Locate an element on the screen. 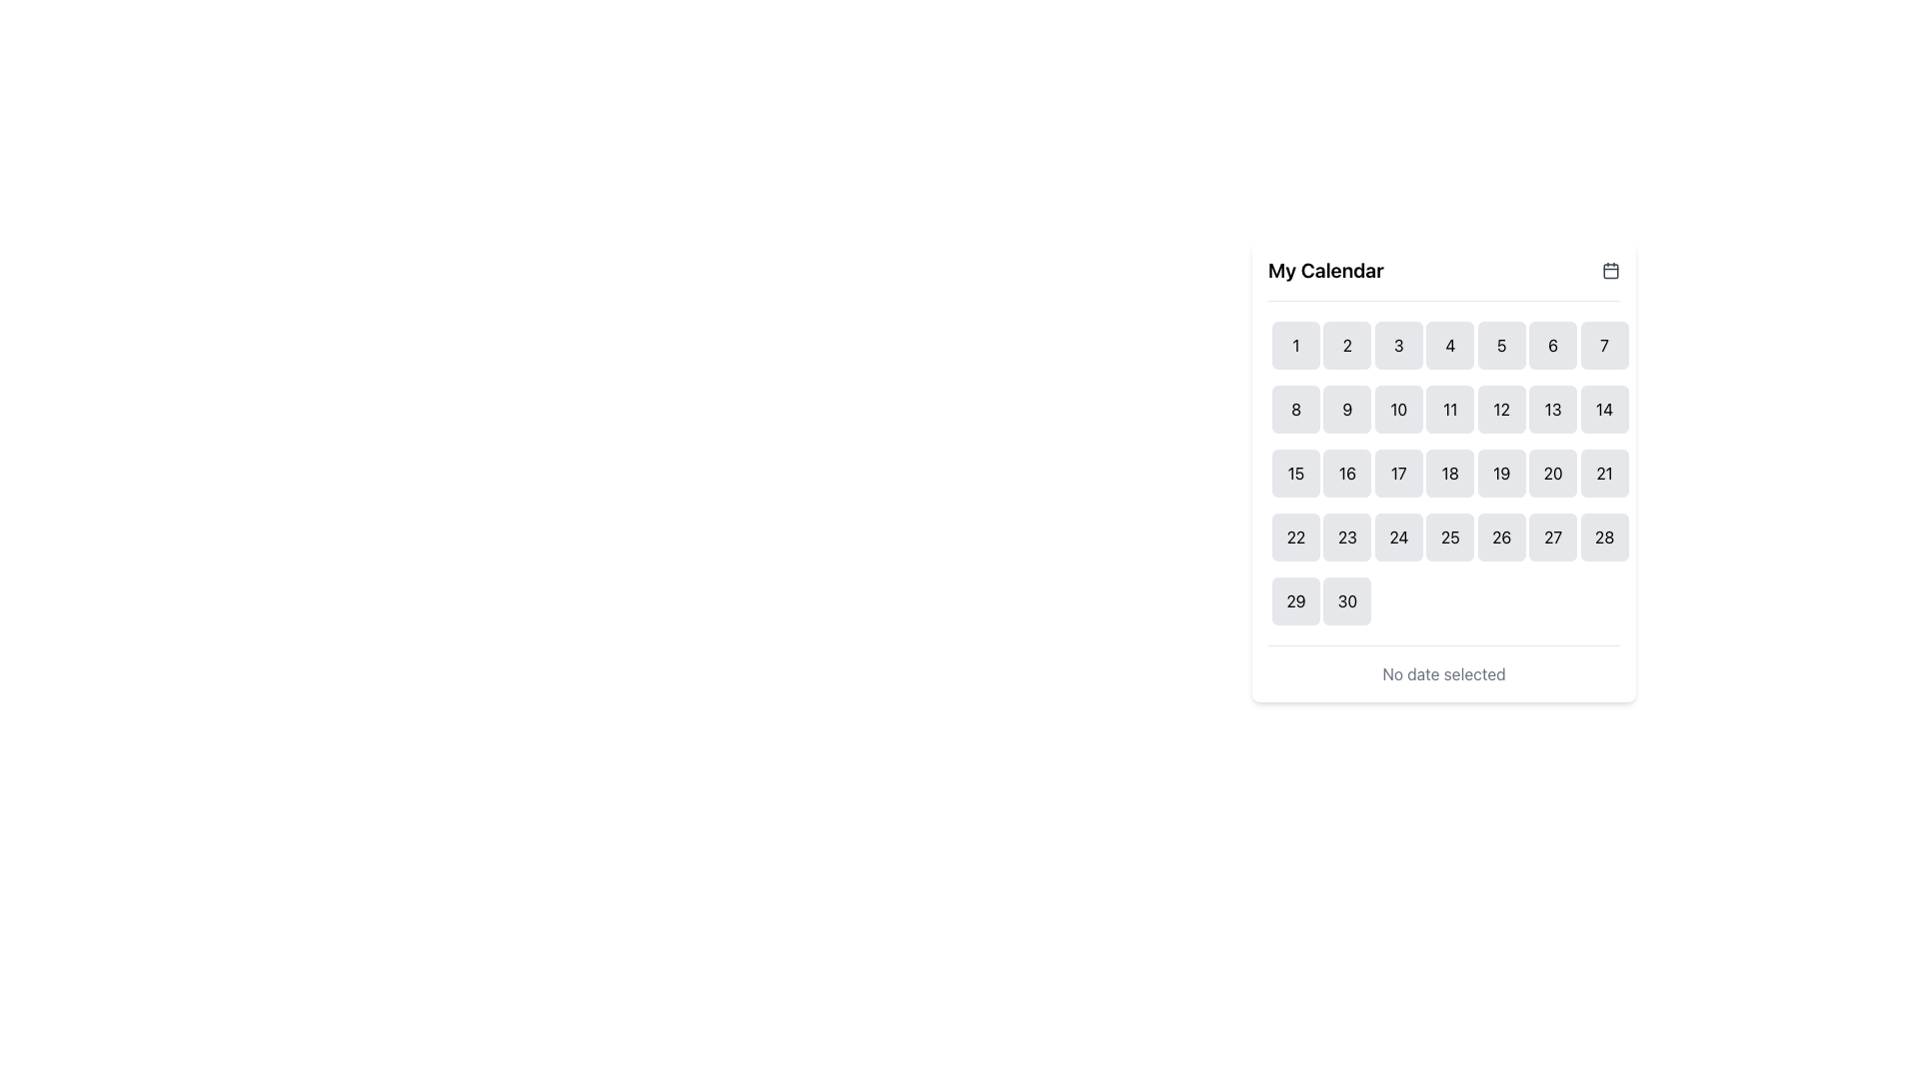 This screenshot has width=1919, height=1079. the rectangular button with a light gray background and the black number '26' centered within it is located at coordinates (1501, 536).